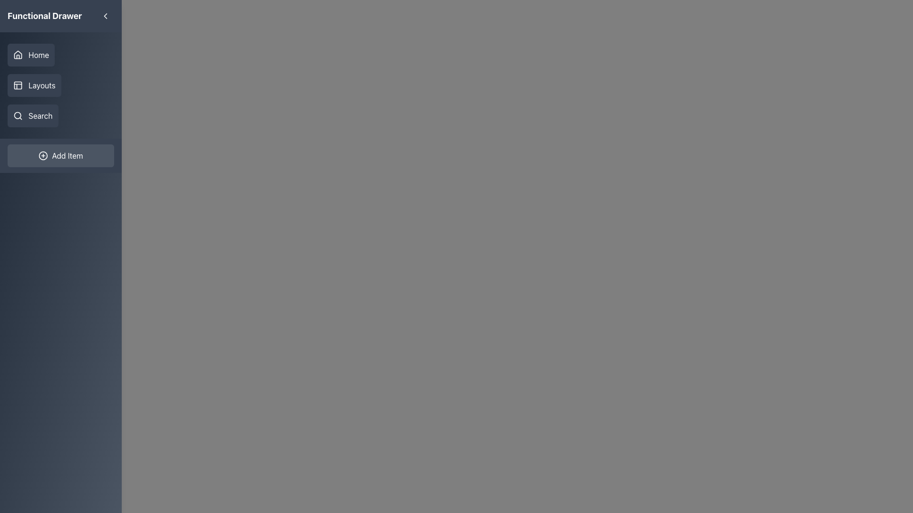 The height and width of the screenshot is (513, 913). What do you see at coordinates (18, 115) in the screenshot?
I see `the search icon located in the third item of the left-hand navigation menu labeled 'Search'` at bounding box center [18, 115].